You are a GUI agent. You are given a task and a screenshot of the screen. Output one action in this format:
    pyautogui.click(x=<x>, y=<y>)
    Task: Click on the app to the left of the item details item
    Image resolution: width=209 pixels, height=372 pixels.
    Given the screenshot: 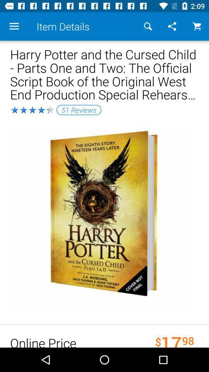 What is the action you would take?
    pyautogui.click(x=14, y=26)
    